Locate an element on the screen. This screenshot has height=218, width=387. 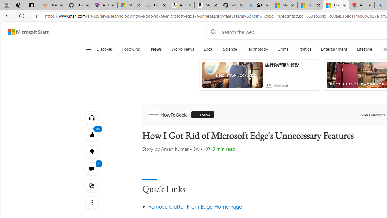
'Politics' is located at coordinates (305, 49).